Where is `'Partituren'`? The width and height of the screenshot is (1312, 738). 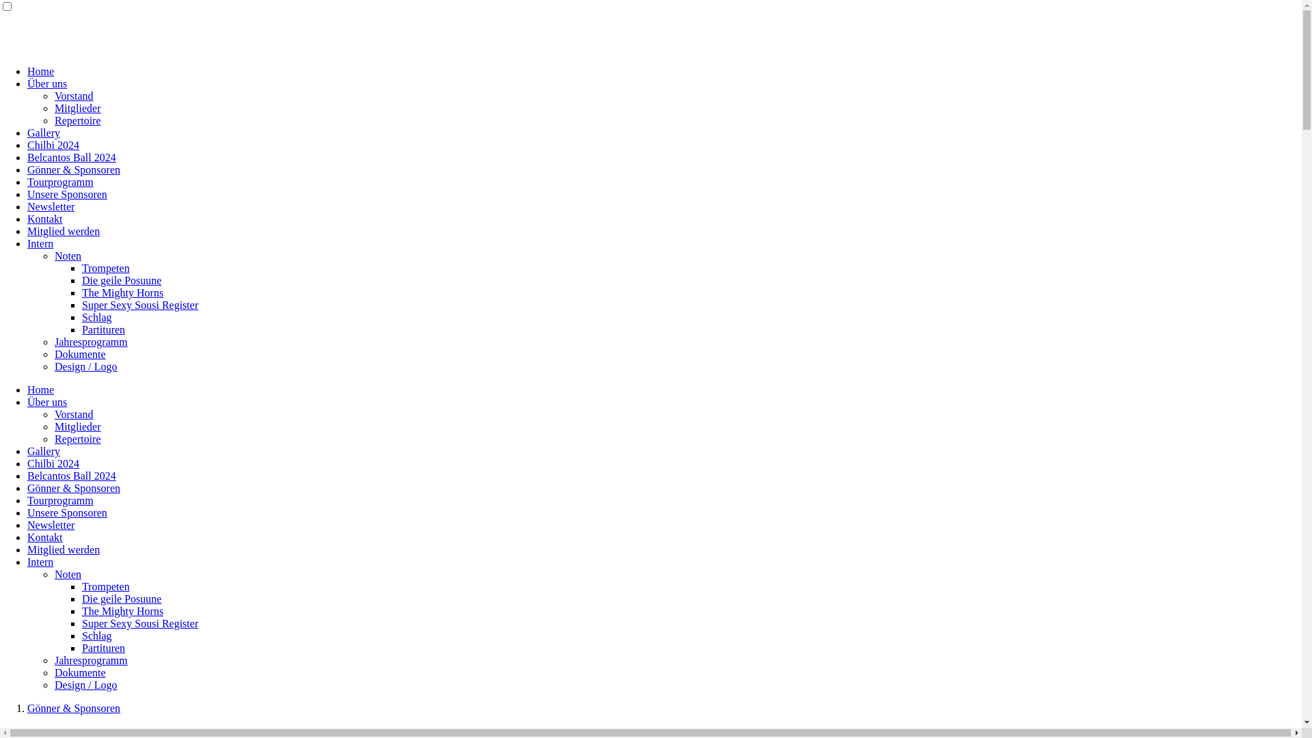
'Partituren' is located at coordinates (81, 647).